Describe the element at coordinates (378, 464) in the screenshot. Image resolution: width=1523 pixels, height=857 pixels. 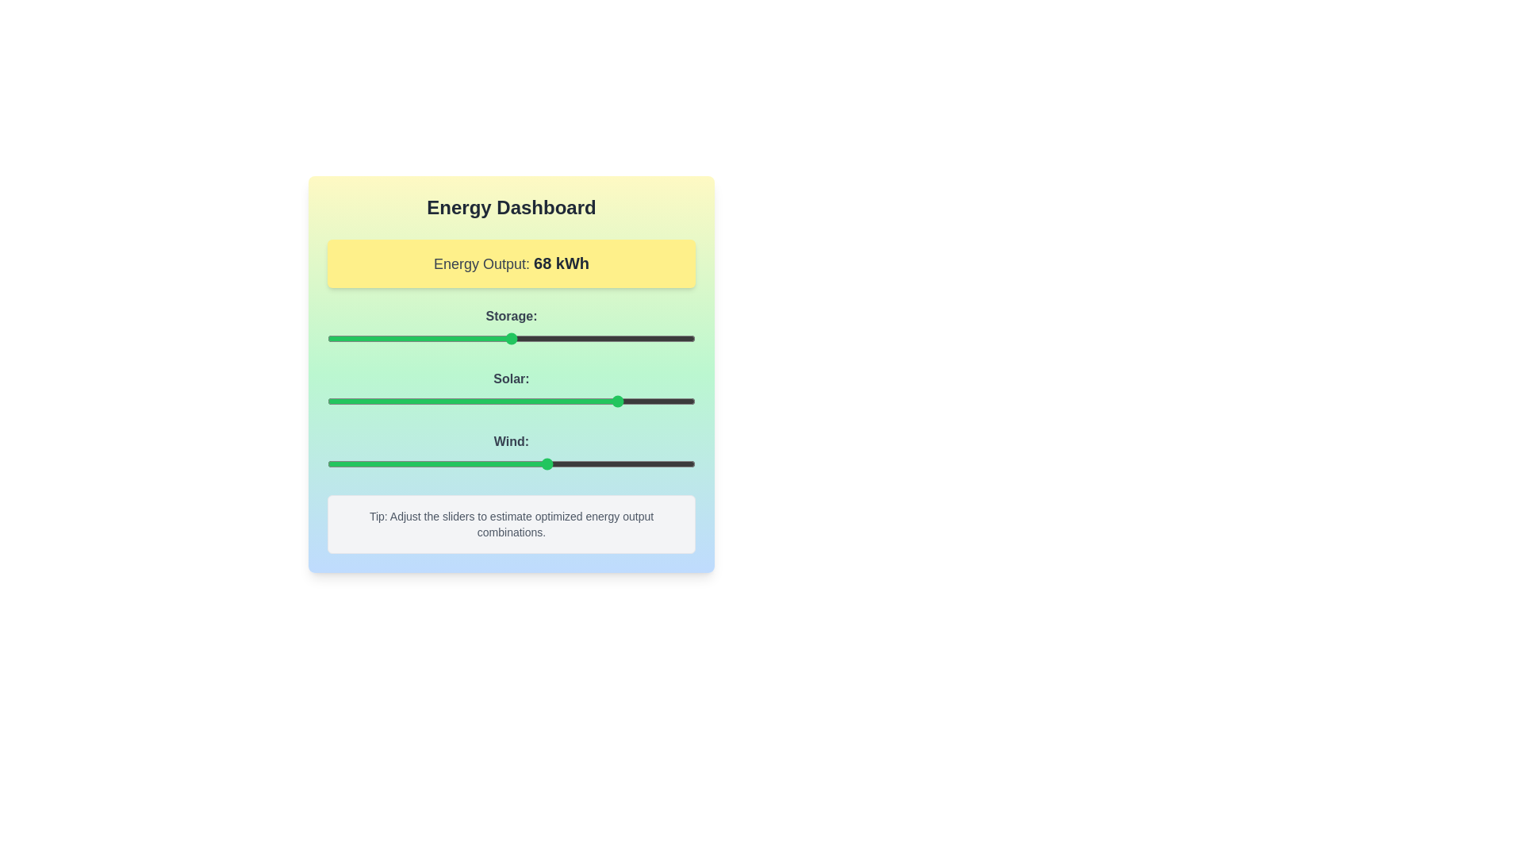
I see `the 'Wind' slider to set its value to 14` at that location.